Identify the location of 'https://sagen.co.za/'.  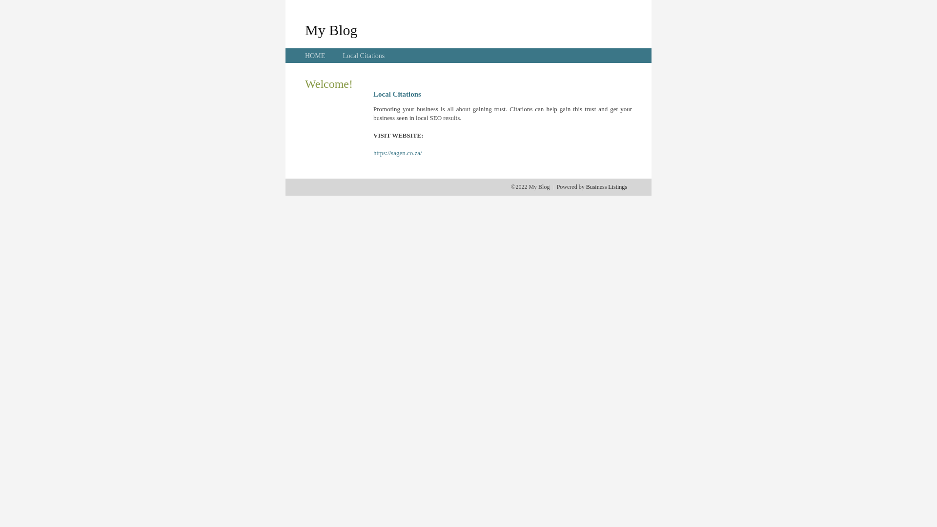
(372, 153).